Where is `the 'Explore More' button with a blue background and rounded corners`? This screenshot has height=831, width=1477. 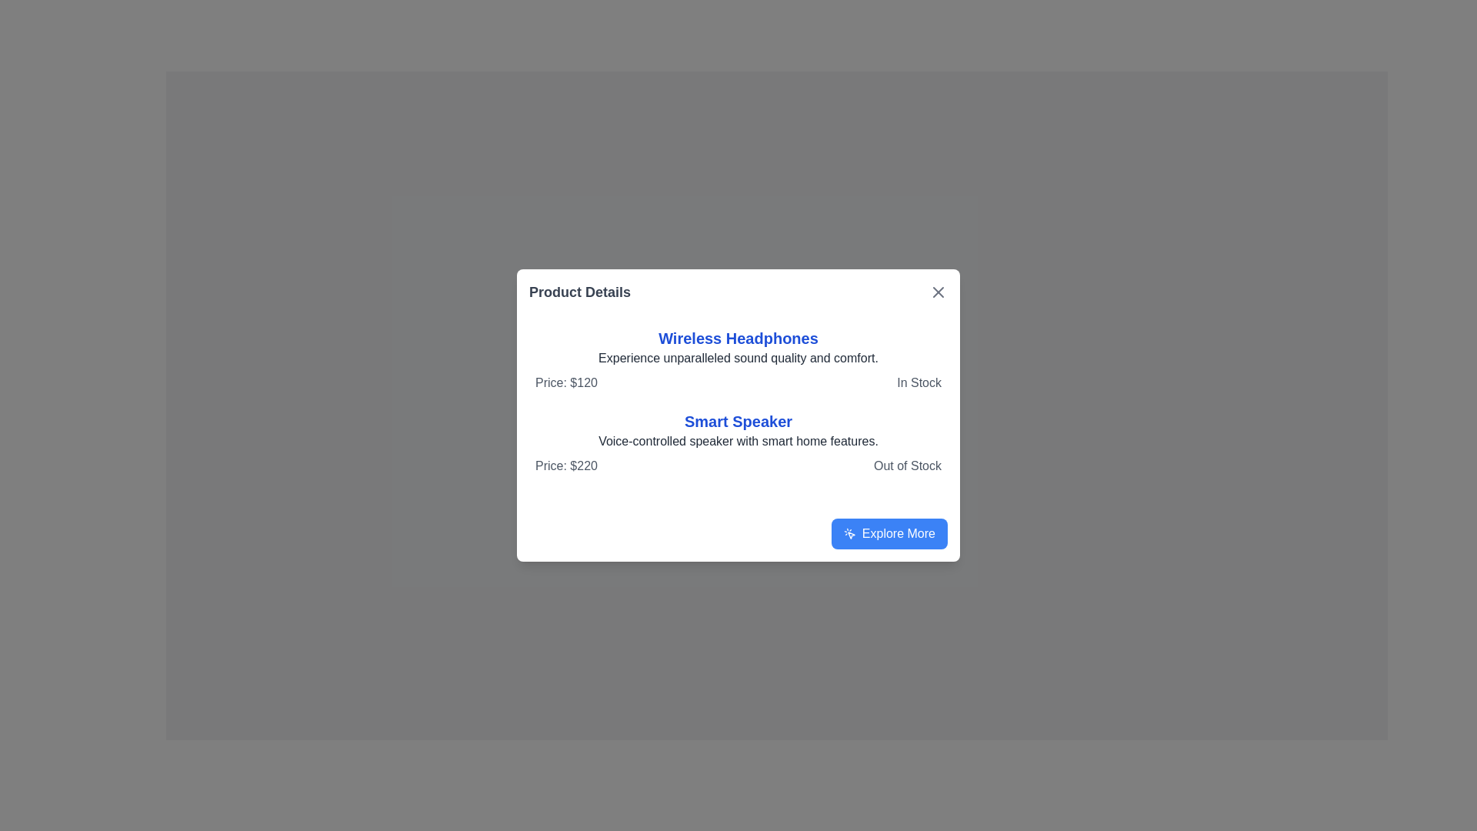
the 'Explore More' button with a blue background and rounded corners is located at coordinates (889, 533).